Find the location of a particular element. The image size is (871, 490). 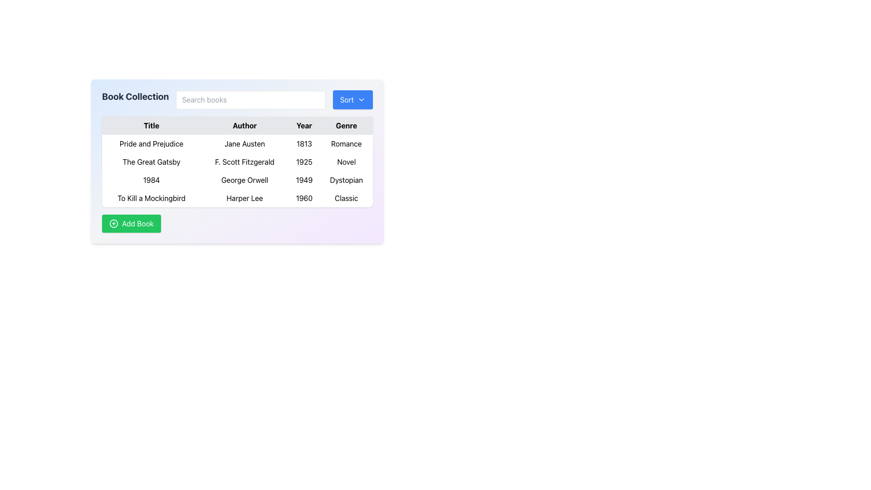

the text label displaying the publication year of 'The Great Gatsby' in the 'Year' column of the table, which is positioned between the 'Author' and 'Genre' columns is located at coordinates (304, 162).